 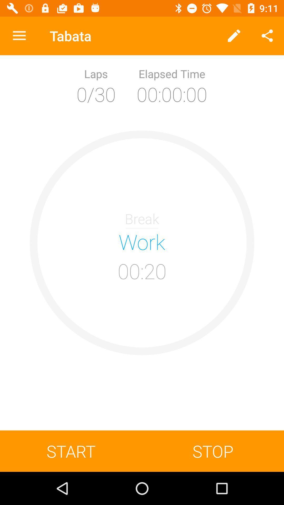 I want to click on the item next to start item, so click(x=213, y=451).